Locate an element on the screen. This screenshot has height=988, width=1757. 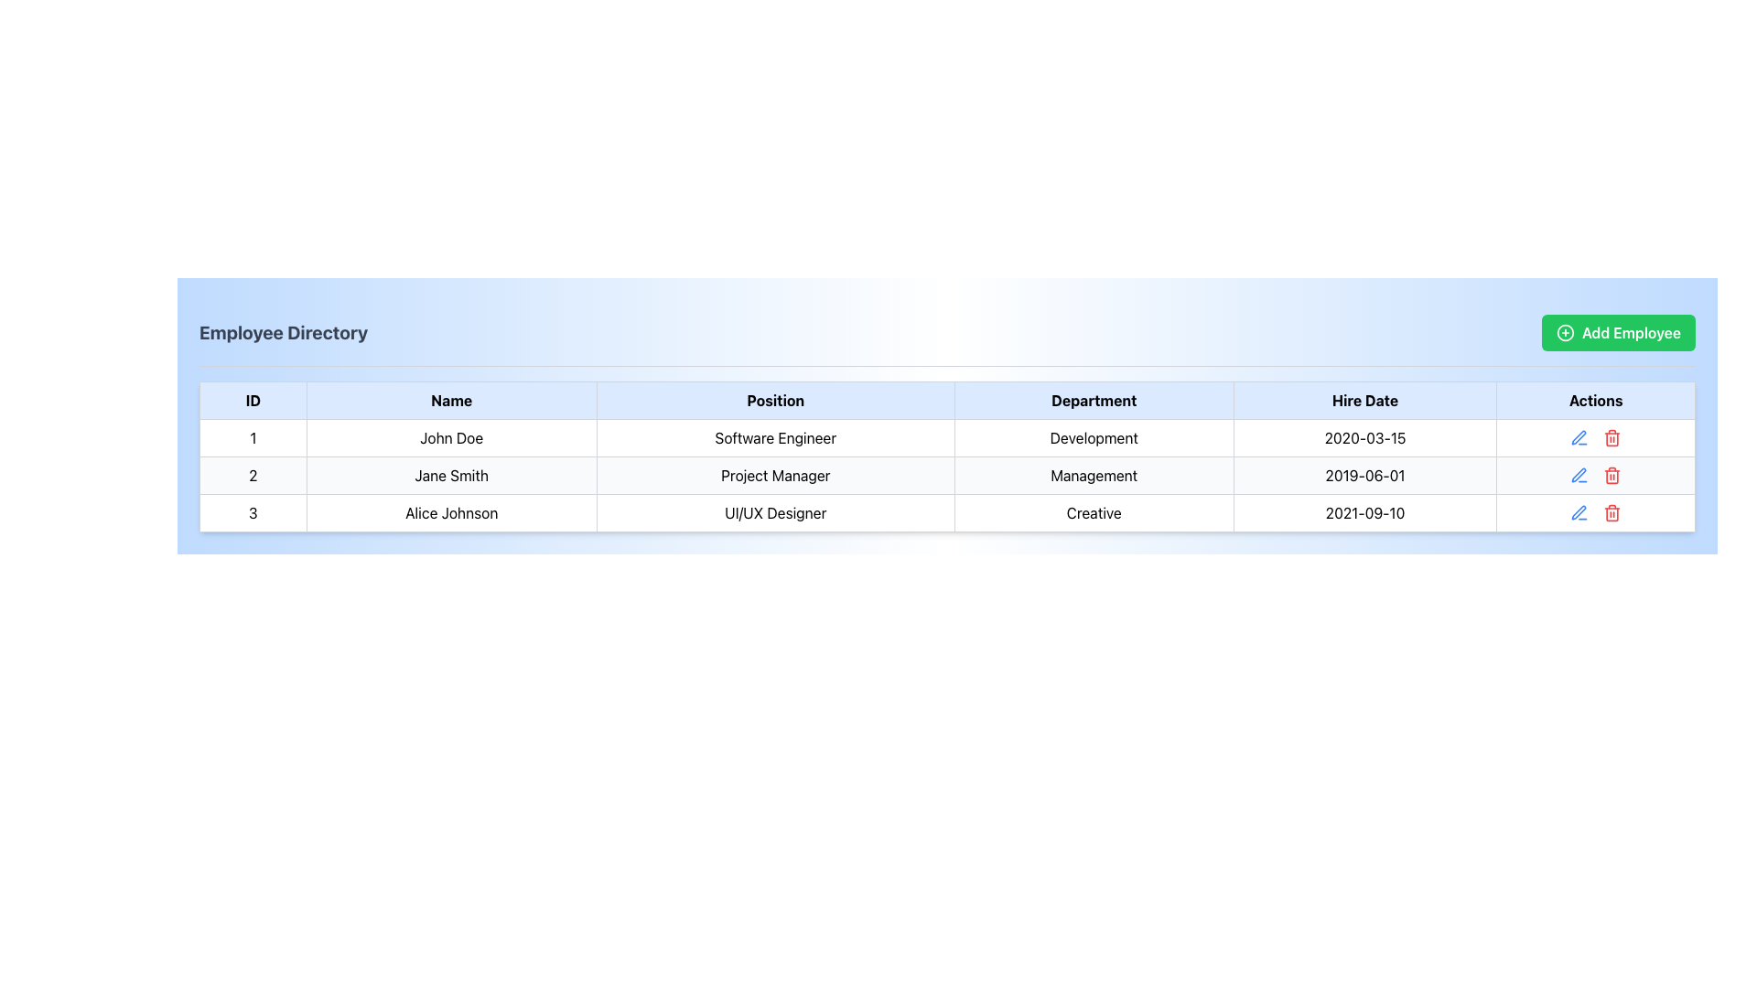
the Text Display element that represents the ID number of the record within the table, located in the first cell of the second row under the 'ID' header is located at coordinates (252, 475).